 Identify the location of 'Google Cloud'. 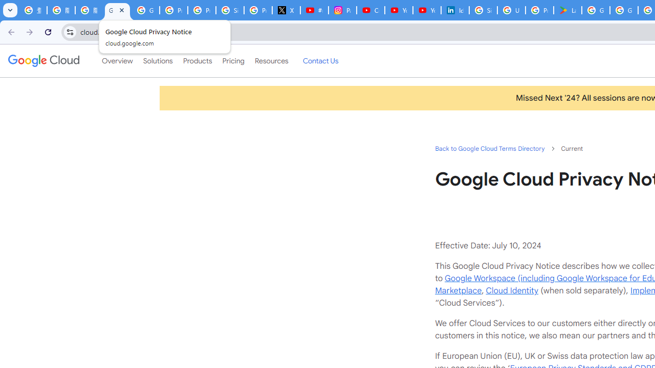
(43, 61).